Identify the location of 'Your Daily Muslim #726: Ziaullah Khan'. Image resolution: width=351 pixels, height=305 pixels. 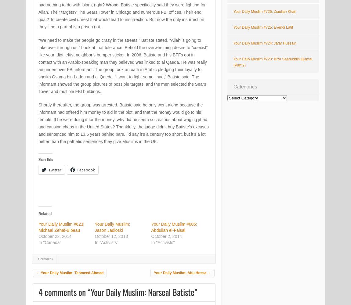
(265, 12).